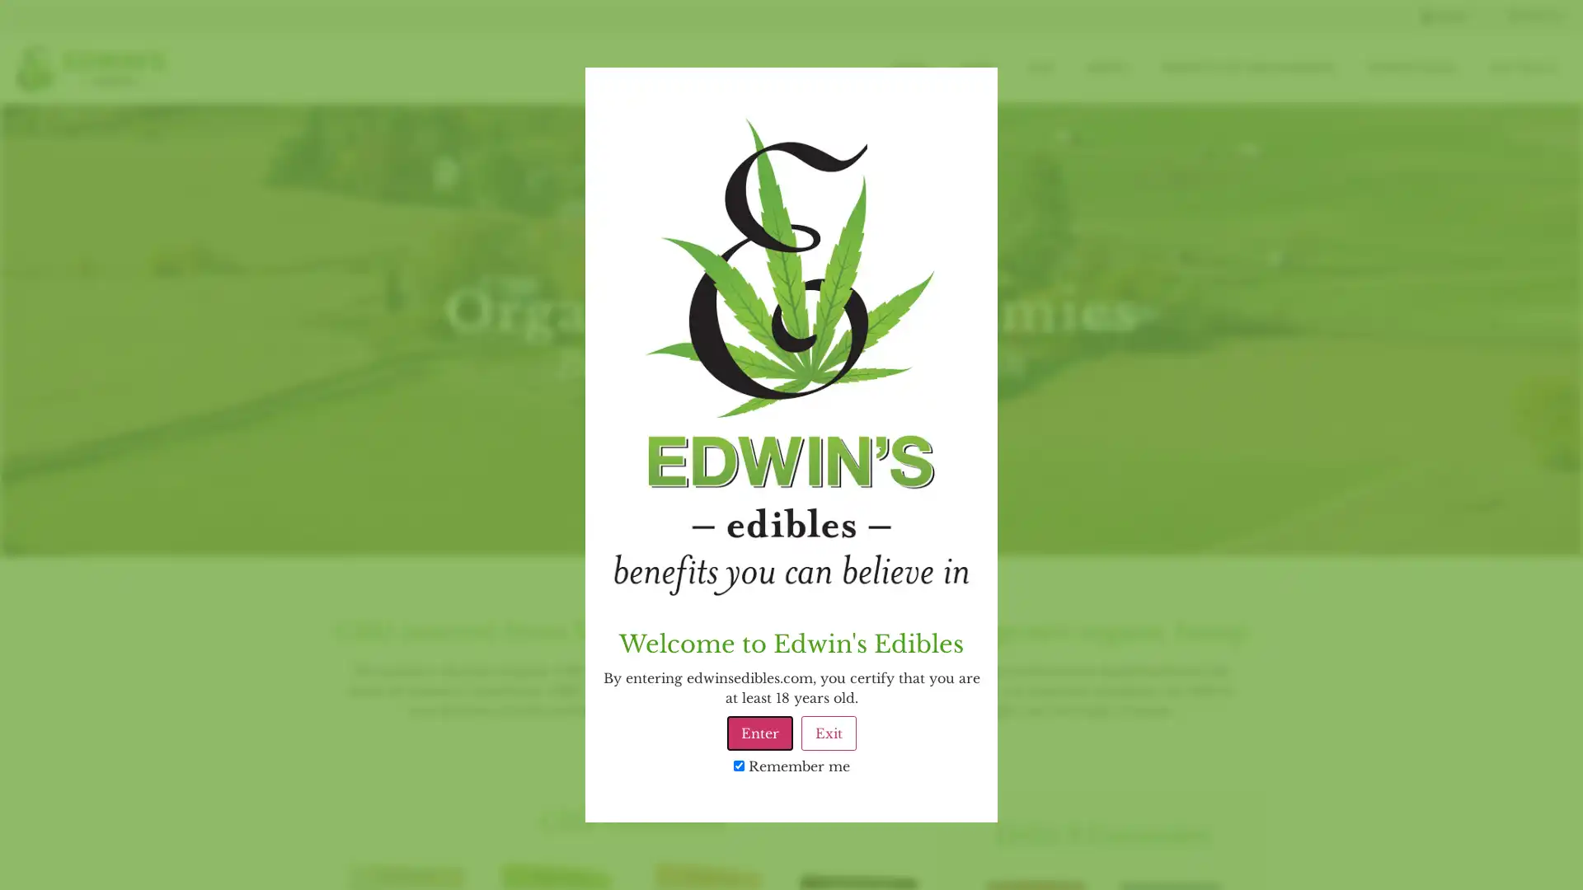 This screenshot has height=890, width=1583. I want to click on Exit, so click(828, 733).